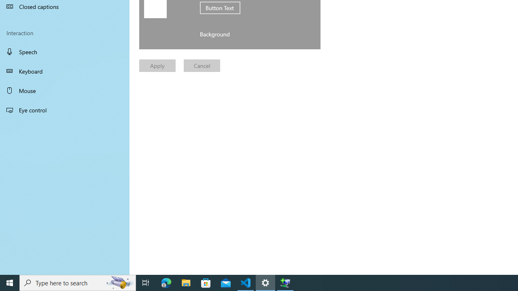 This screenshot has height=291, width=518. I want to click on 'Visual Studio Code - 1 running window', so click(245, 282).